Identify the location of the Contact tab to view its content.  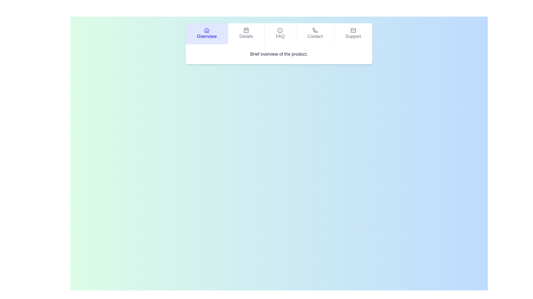
(315, 34).